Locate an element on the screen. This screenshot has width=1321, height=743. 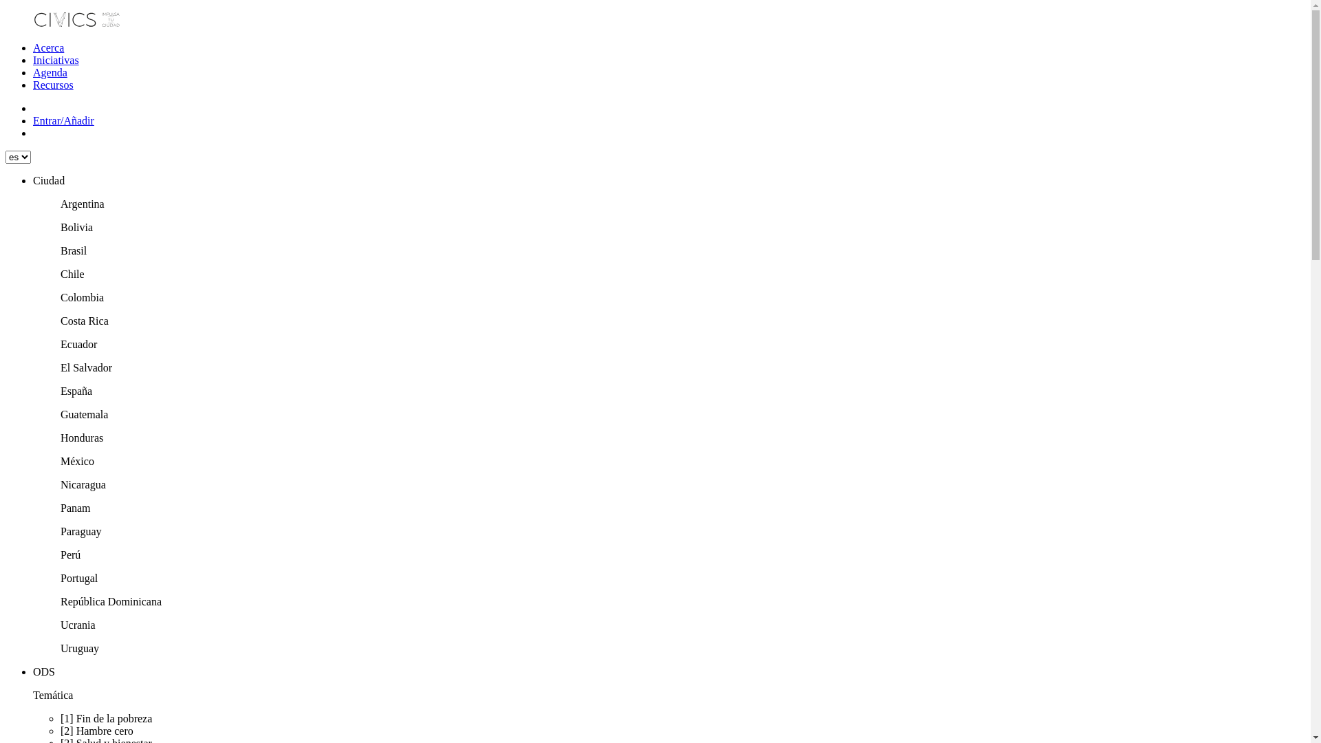
'Recursos' is located at coordinates (53, 85).